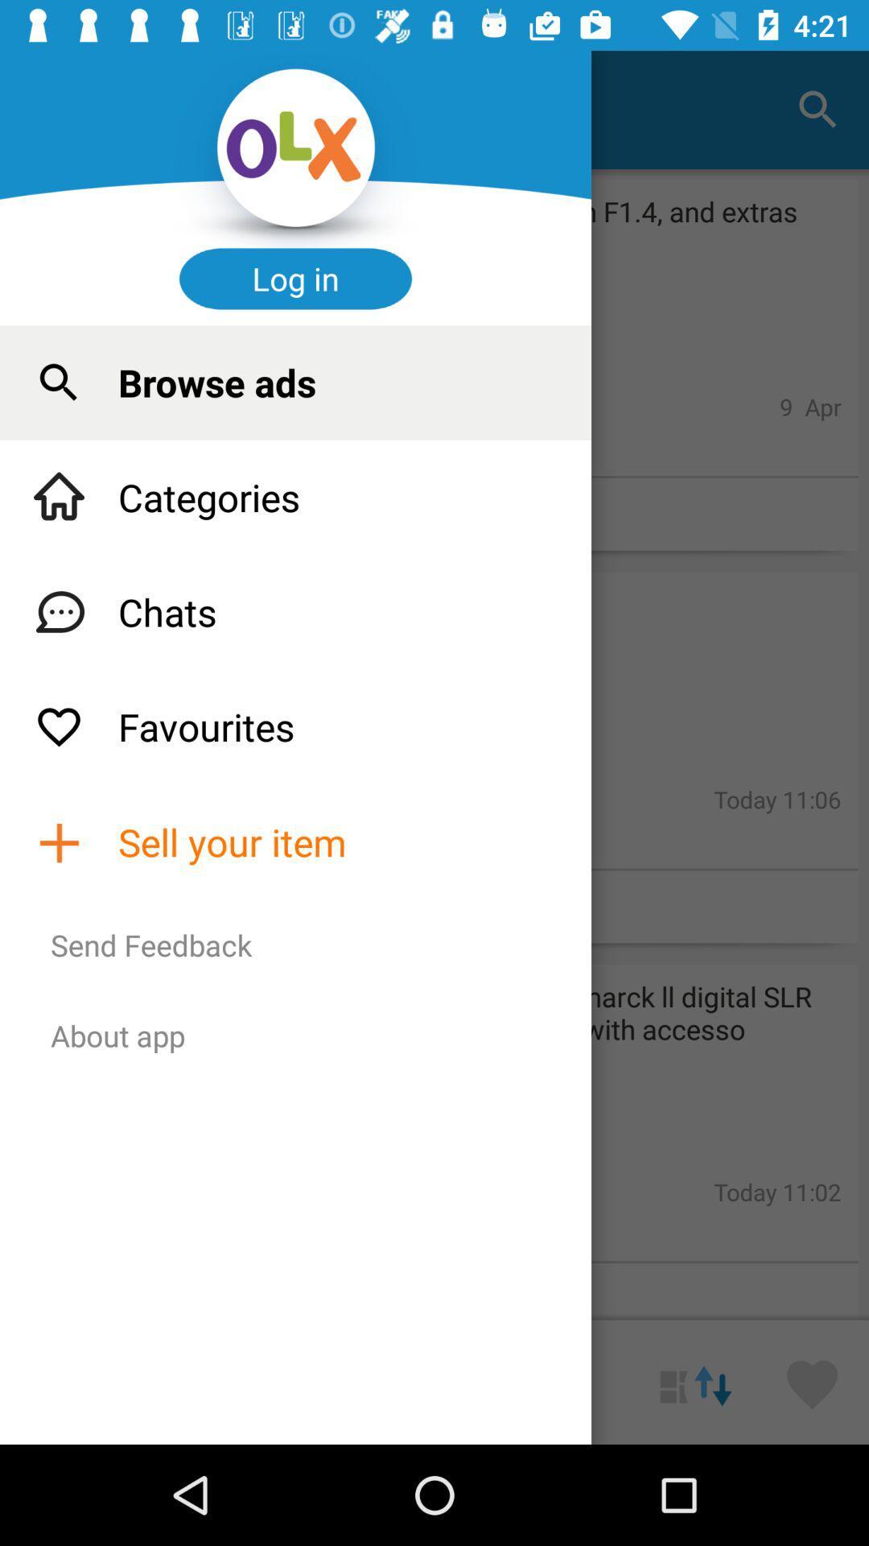 Image resolution: width=869 pixels, height=1546 pixels. What do you see at coordinates (812, 1381) in the screenshot?
I see `the favorite icon` at bounding box center [812, 1381].